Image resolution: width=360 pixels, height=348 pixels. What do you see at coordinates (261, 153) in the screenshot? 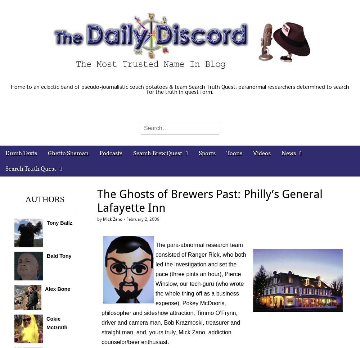
I see `'Videos'` at bounding box center [261, 153].